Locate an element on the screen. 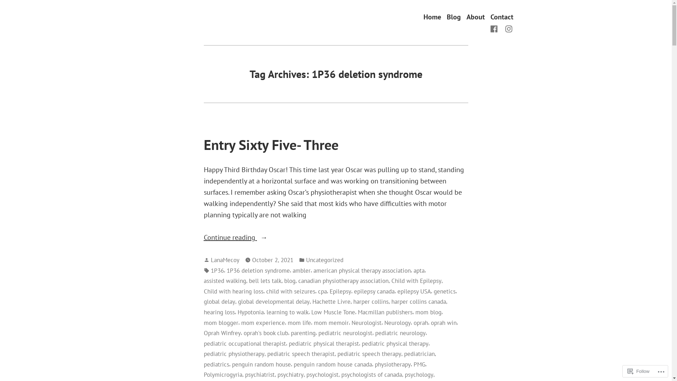 This screenshot has height=381, width=677. 'hearing loss' is located at coordinates (219, 312).